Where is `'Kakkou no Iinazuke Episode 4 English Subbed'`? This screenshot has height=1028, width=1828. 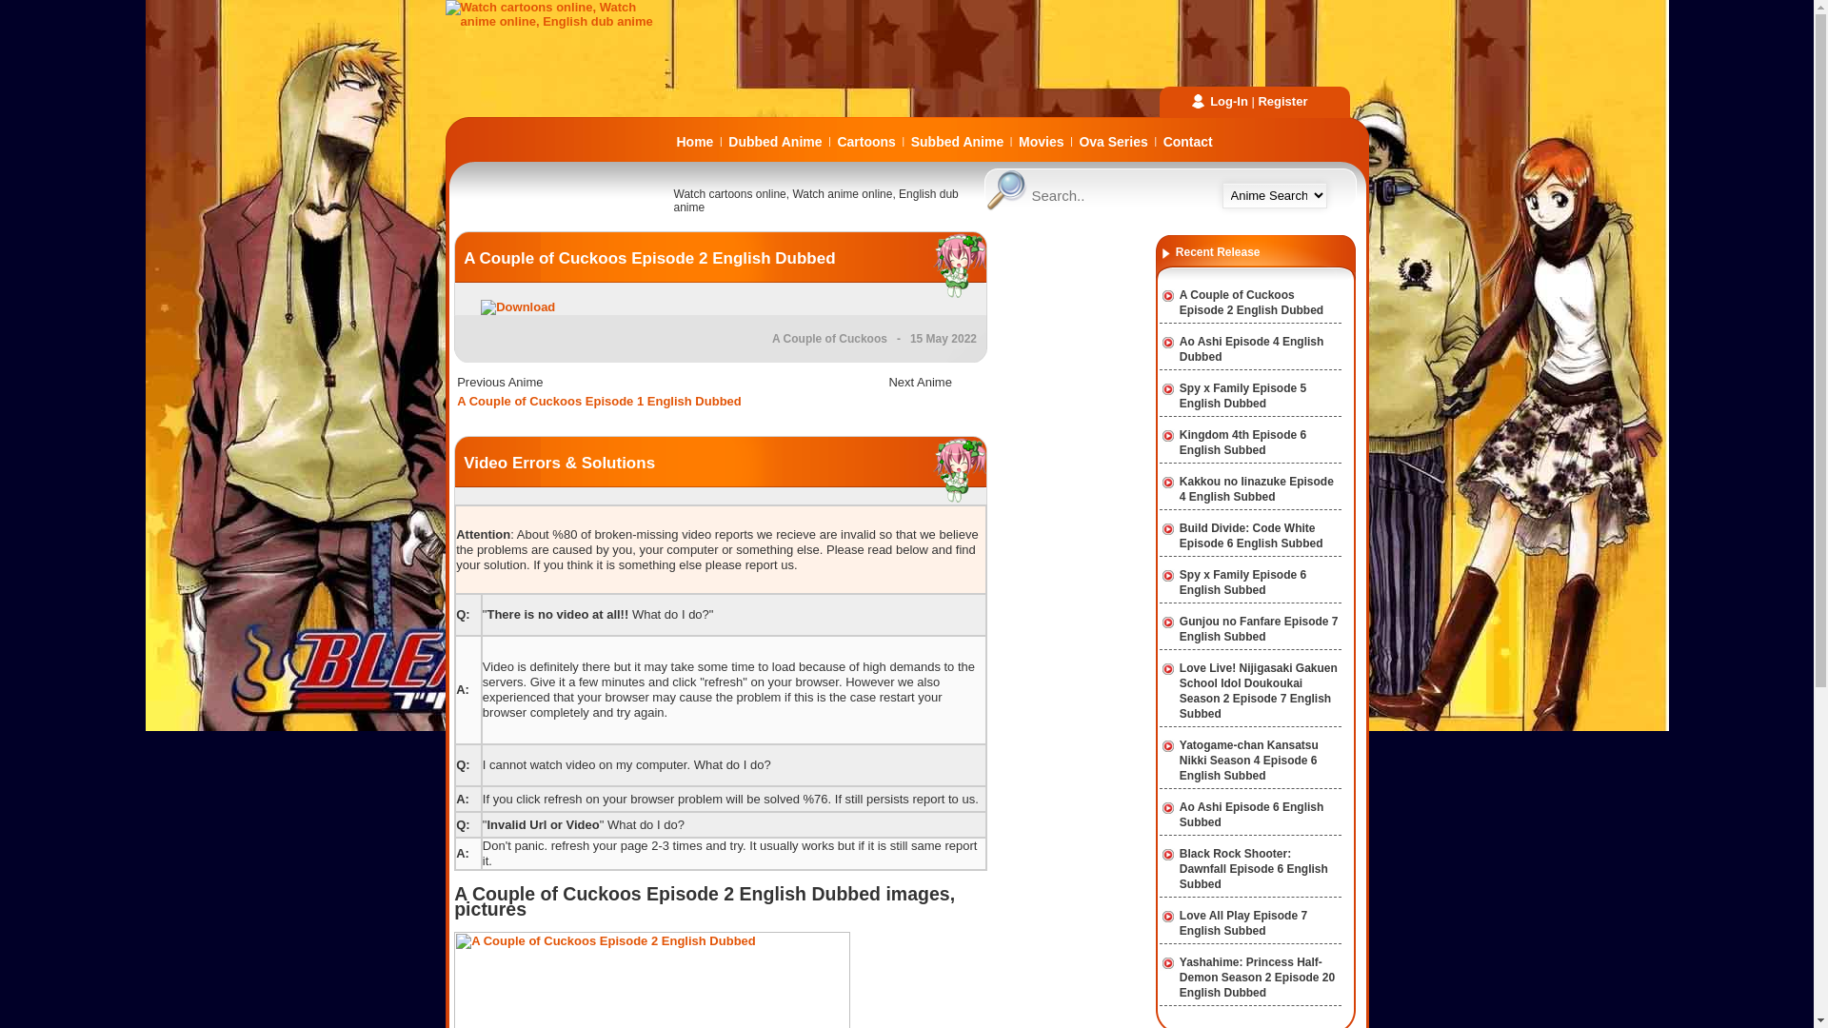 'Kakkou no Iinazuke Episode 4 English Subbed' is located at coordinates (1178, 487).